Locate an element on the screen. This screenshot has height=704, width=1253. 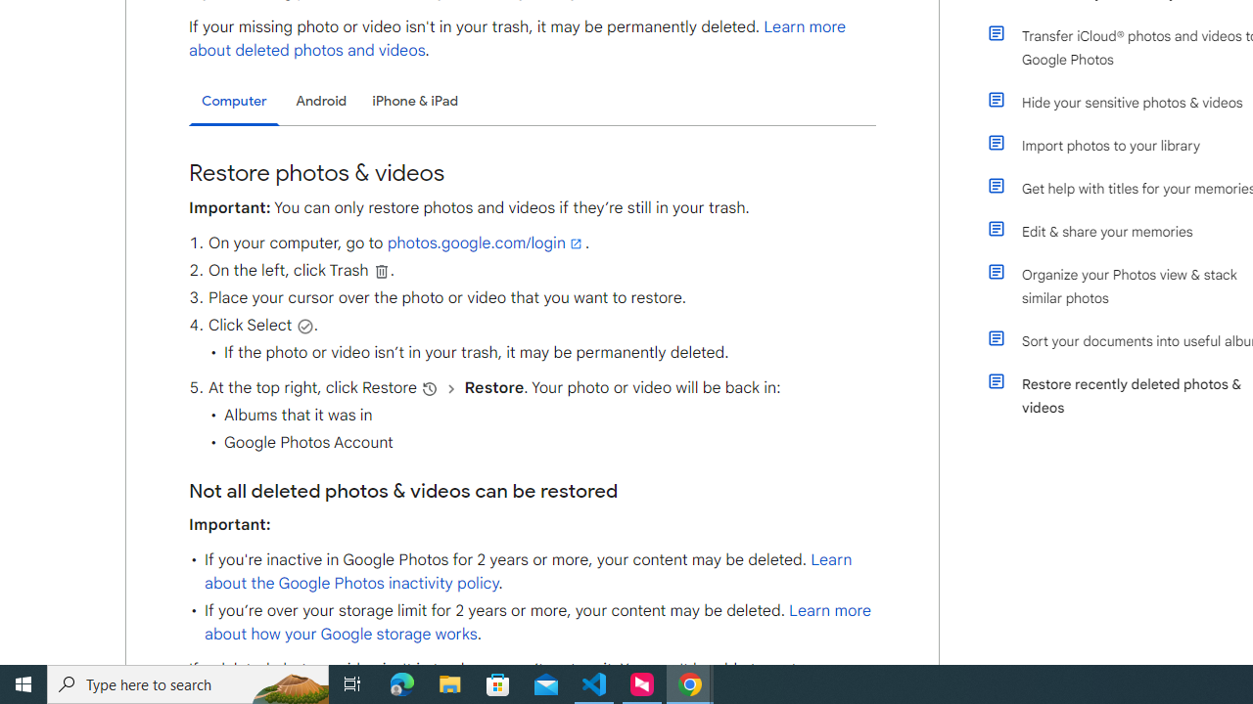
'photos.google.com/login' is located at coordinates (486, 242).